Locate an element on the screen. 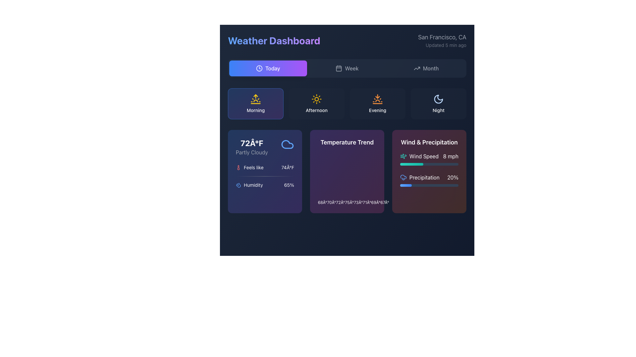  the 'Evening' icon in the top row of the dashboard to select it is located at coordinates (378, 99).